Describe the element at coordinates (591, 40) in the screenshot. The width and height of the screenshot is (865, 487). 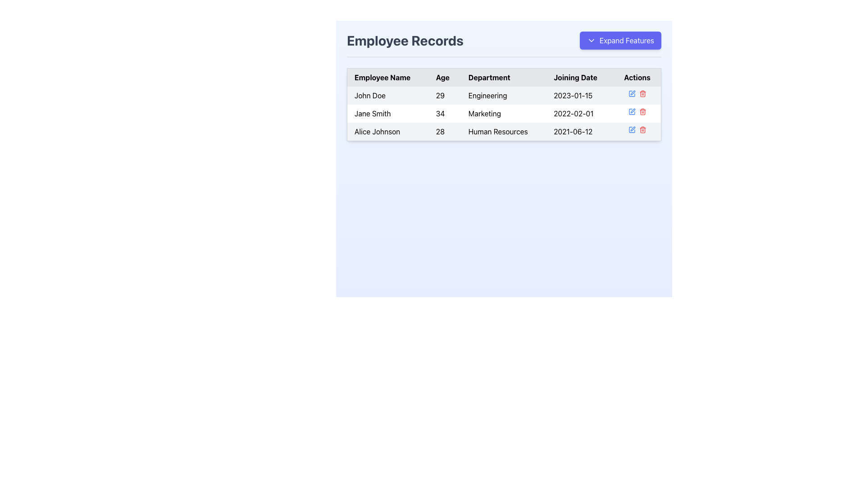
I see `the small downward-pointing chevron icon located inside the blue 'Expand Features' button` at that location.